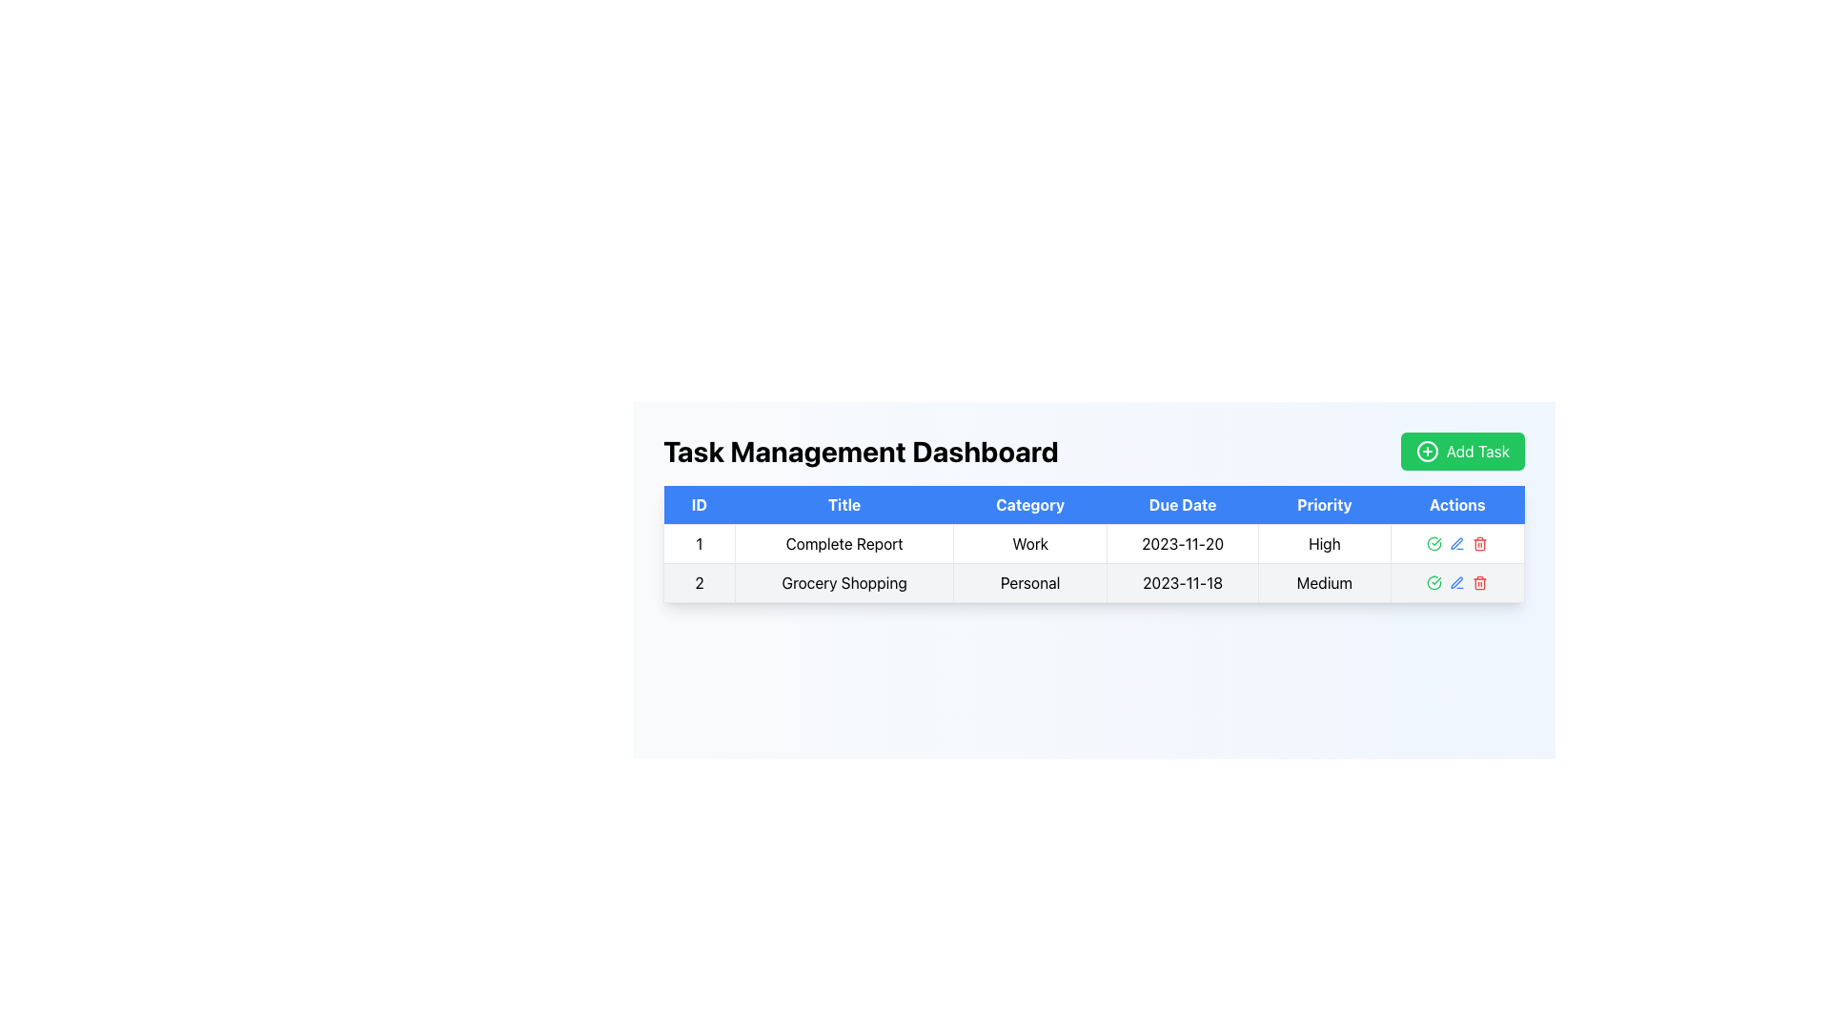 The height and width of the screenshot is (1029, 1830). I want to click on the green checkmark icon in the 'Actions' column of the second row to observe the hover effect, so click(1434, 543).